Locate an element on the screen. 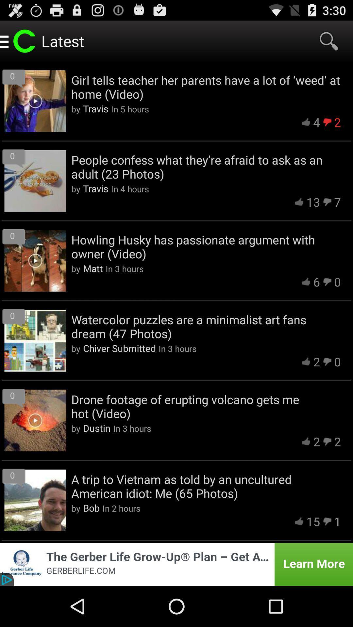  advertisement is located at coordinates (176, 564).